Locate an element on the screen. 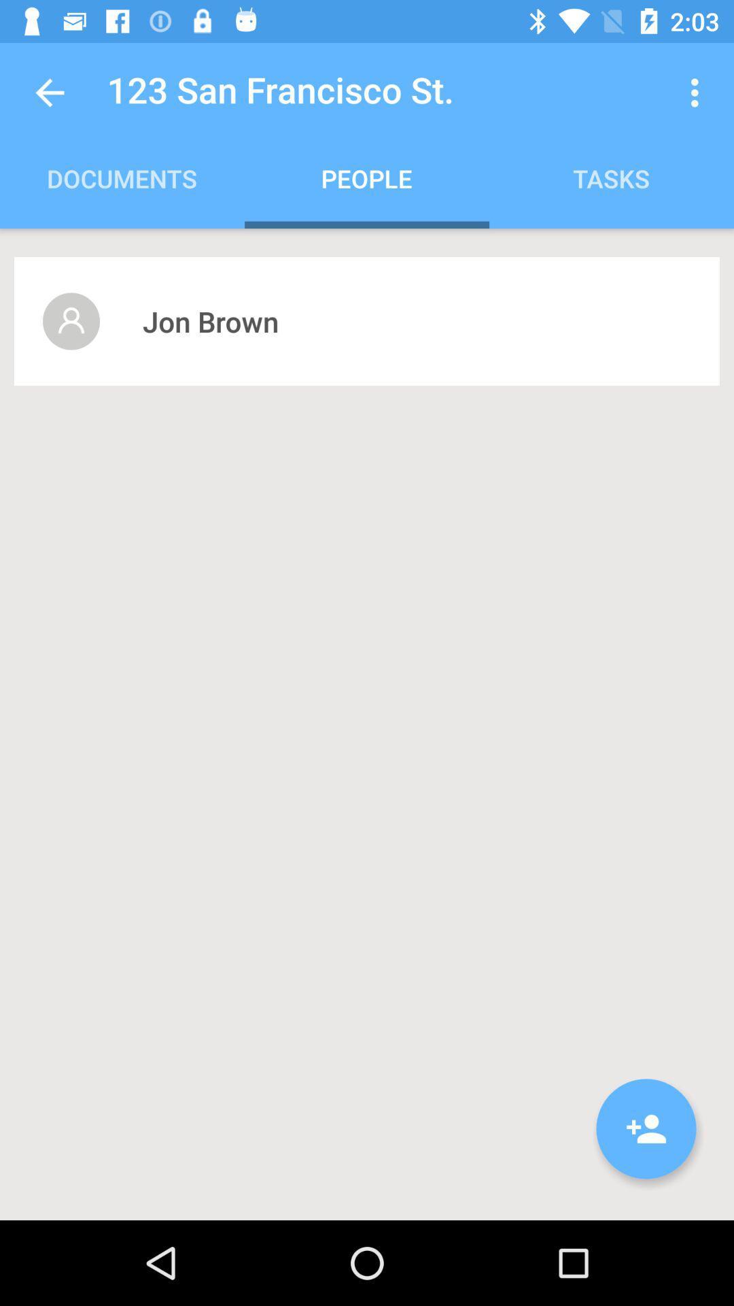  icon below jon brown icon is located at coordinates (646, 1128).